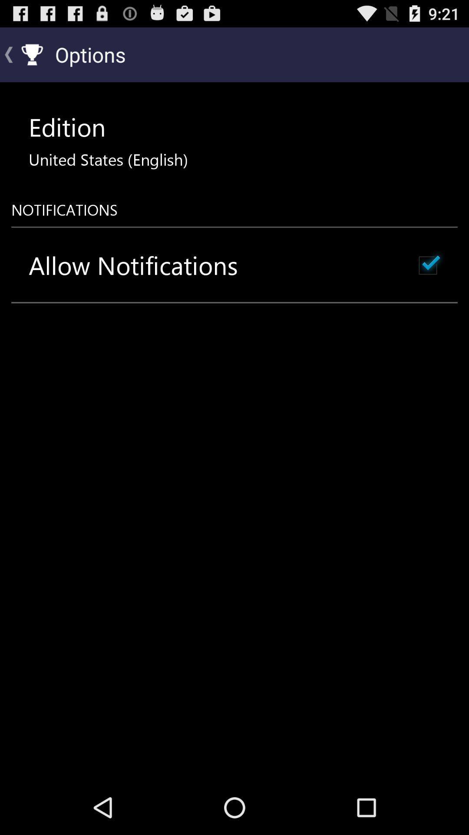  What do you see at coordinates (66, 127) in the screenshot?
I see `the edition item` at bounding box center [66, 127].